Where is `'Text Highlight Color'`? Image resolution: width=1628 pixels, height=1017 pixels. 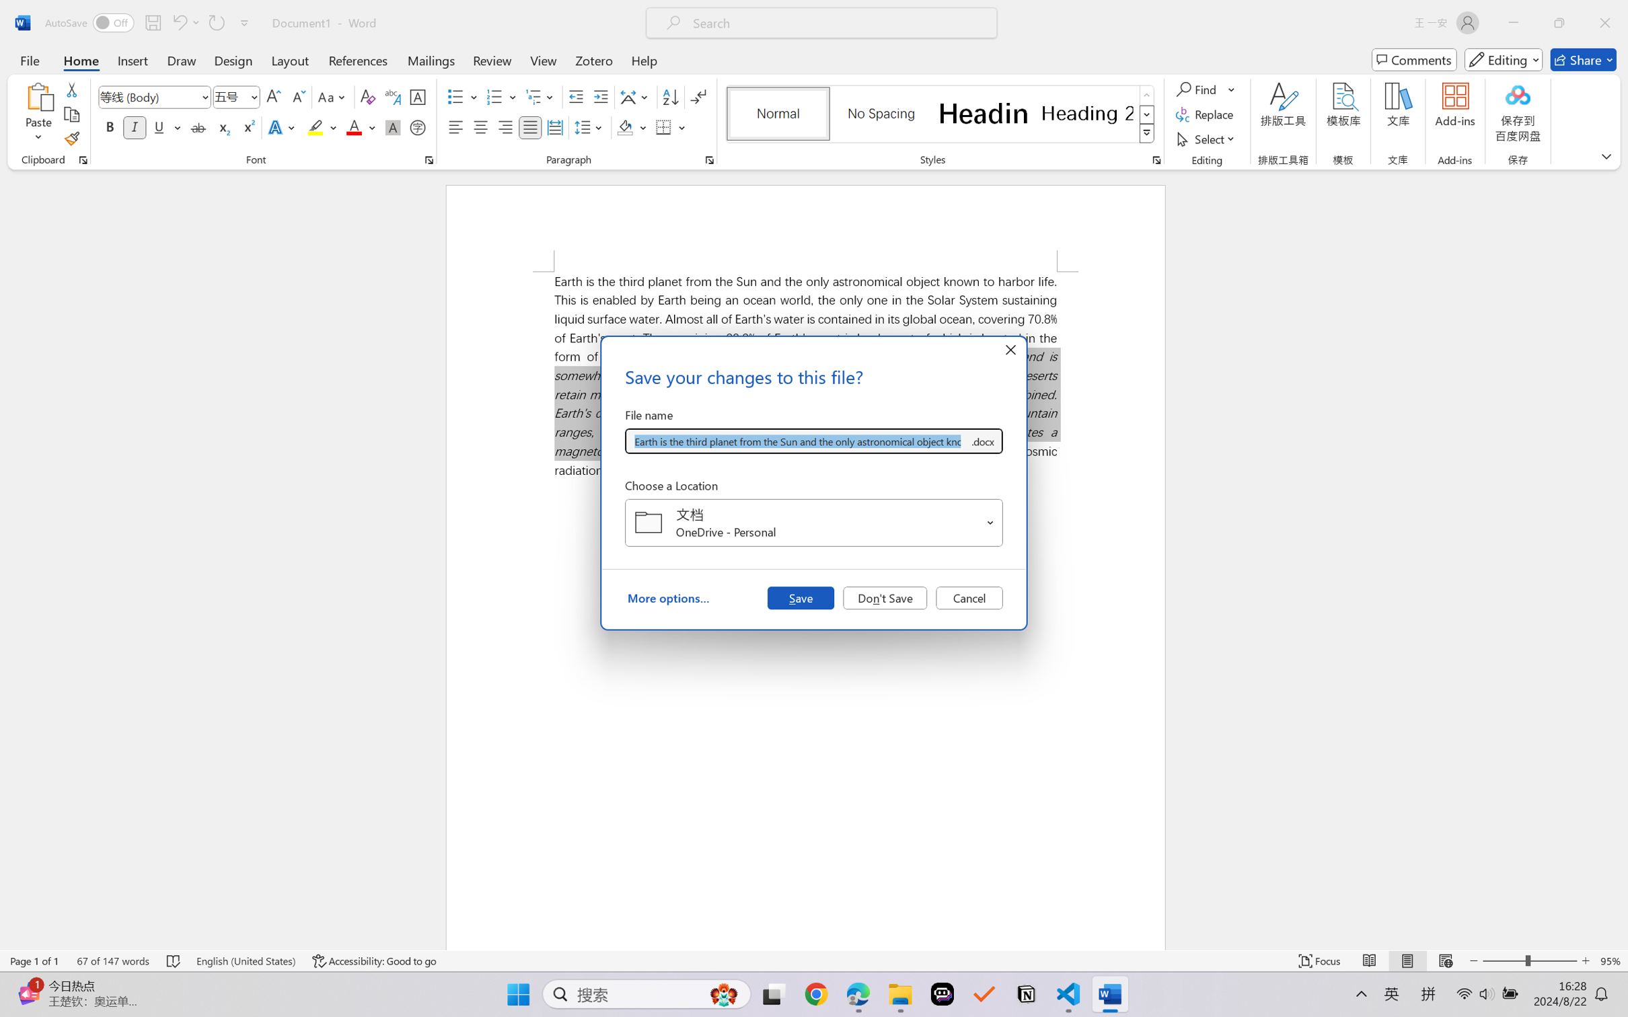
'Text Highlight Color' is located at coordinates (321, 126).